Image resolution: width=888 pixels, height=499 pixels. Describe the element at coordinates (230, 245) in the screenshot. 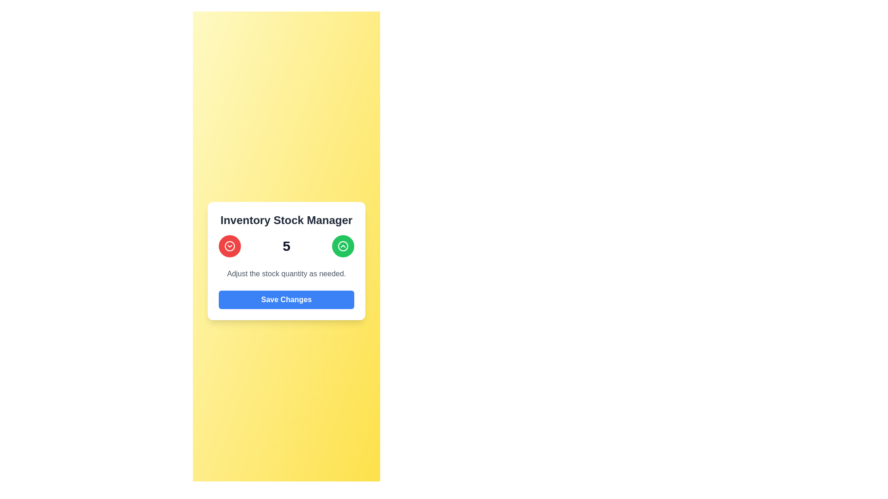

I see `the decrease value button located on the left side of the row in the stock manager interface` at that location.